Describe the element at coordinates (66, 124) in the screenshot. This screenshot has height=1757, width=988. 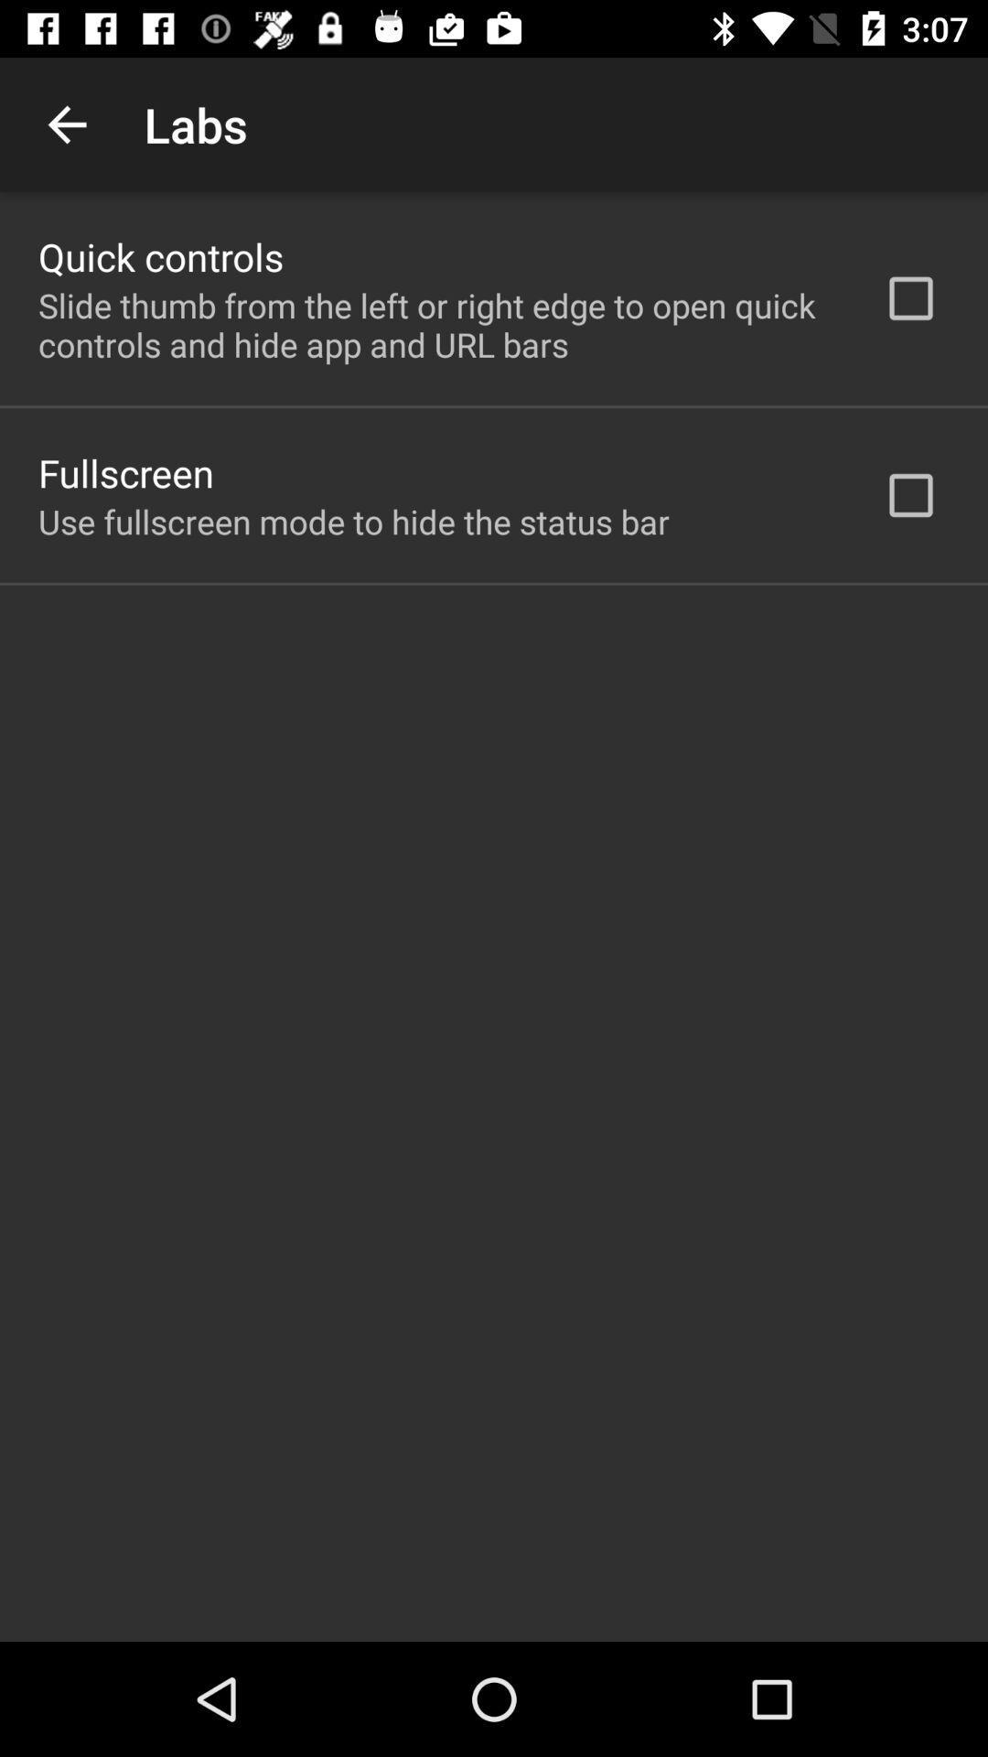
I see `icon to the left of the labs app` at that location.